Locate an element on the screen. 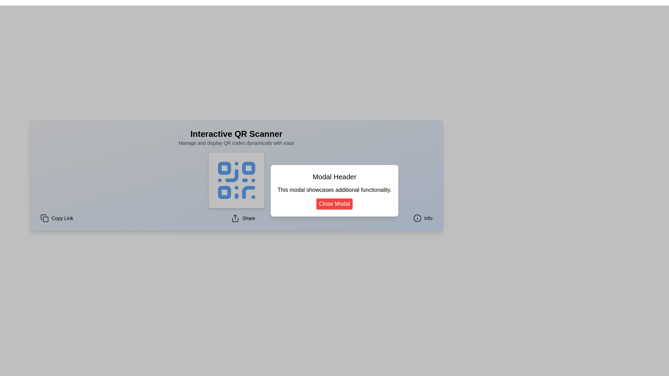 This screenshot has height=376, width=669. the minimalistic gray square-shaped icon depicting an upward arrow within the 'Share' button group to initiate a share action is located at coordinates (235, 218).